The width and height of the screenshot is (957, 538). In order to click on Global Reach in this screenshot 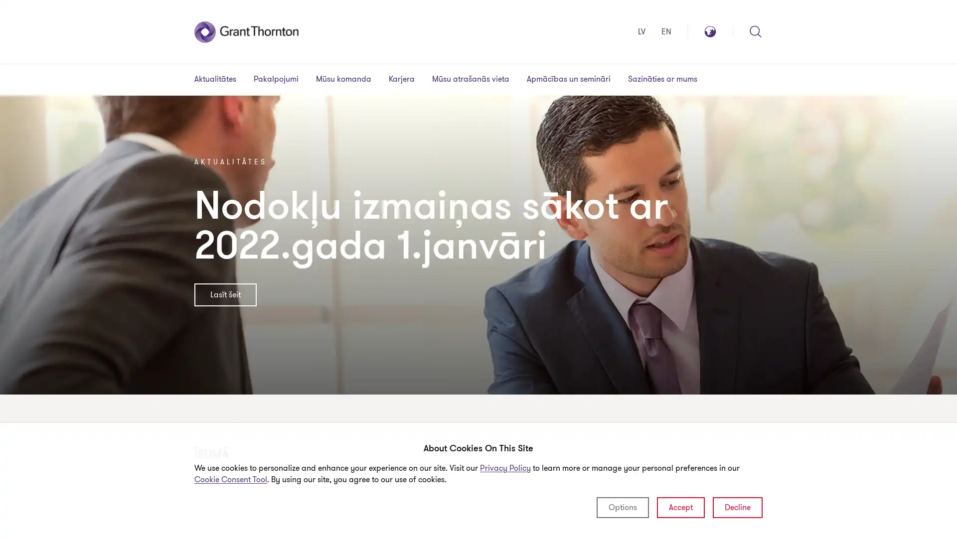, I will do `click(710, 31)`.